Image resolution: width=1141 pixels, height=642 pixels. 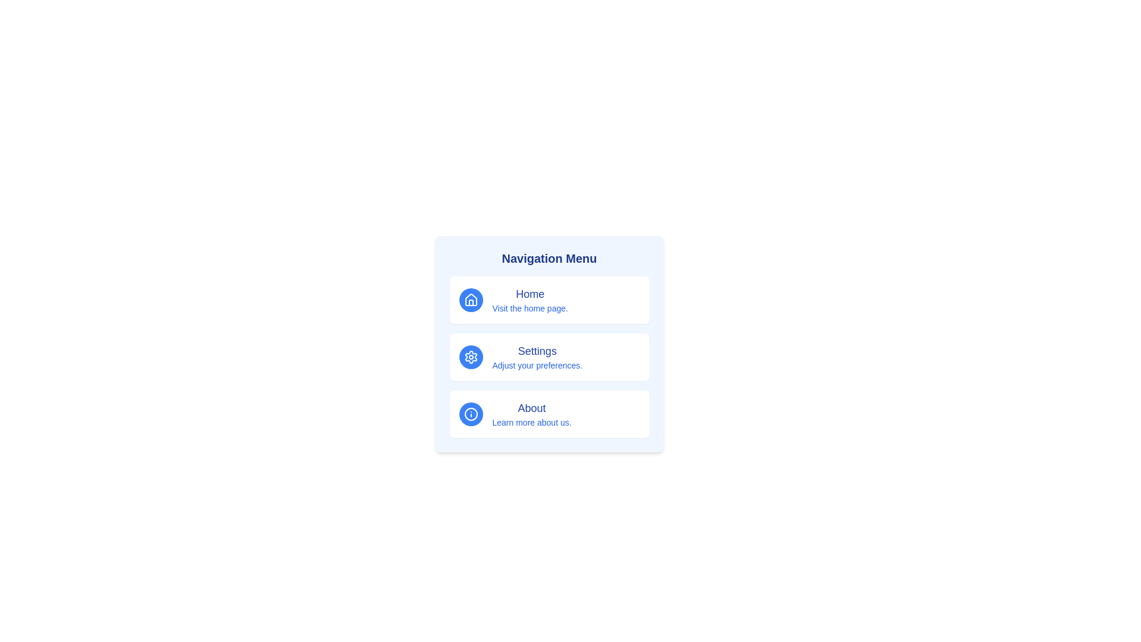 What do you see at coordinates (537, 350) in the screenshot?
I see `the 'Settings' text label, which is a blue, bold medium font title in the Navigation Menu, located above the subtitle 'Adjust your preferences.'` at bounding box center [537, 350].